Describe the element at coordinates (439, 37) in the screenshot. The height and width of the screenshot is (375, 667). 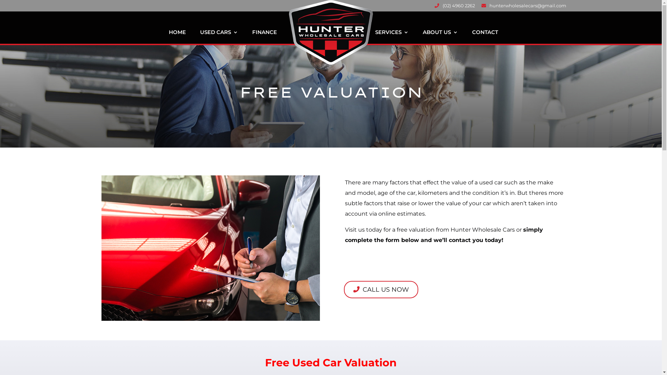
I see `'ABOUT US'` at that location.